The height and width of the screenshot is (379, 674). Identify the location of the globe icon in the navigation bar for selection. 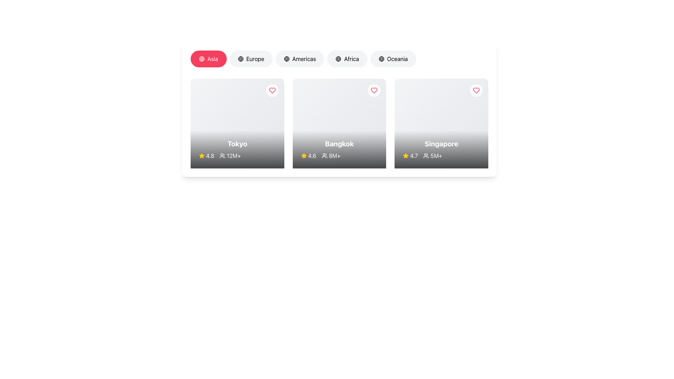
(381, 59).